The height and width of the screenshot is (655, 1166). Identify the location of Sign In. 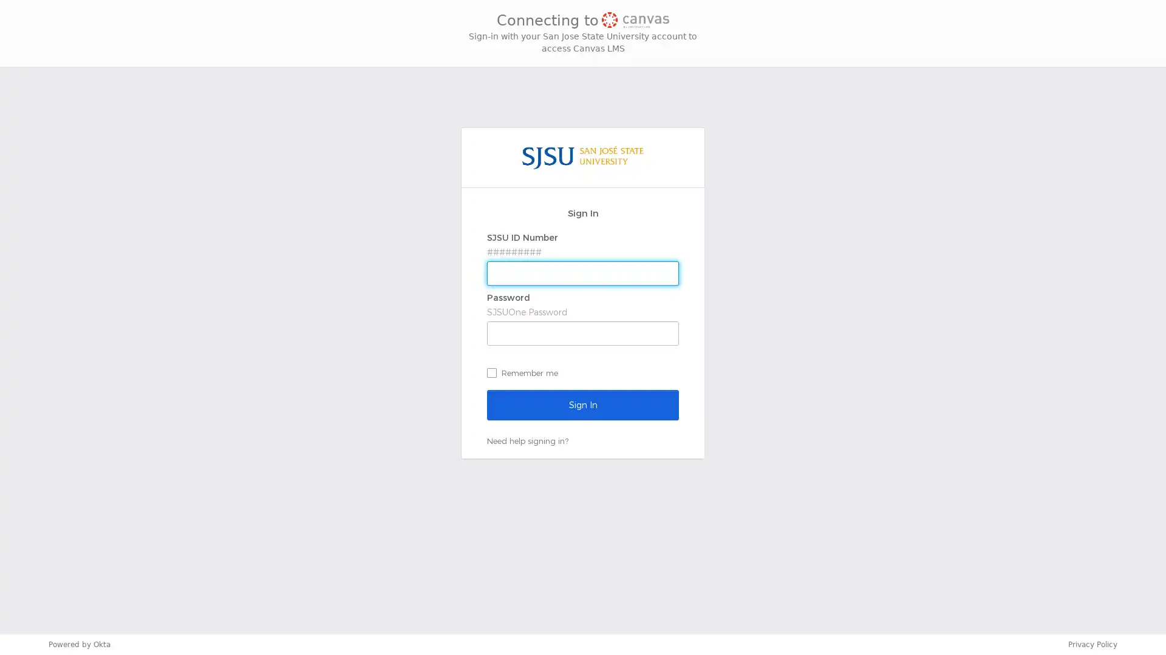
(583, 405).